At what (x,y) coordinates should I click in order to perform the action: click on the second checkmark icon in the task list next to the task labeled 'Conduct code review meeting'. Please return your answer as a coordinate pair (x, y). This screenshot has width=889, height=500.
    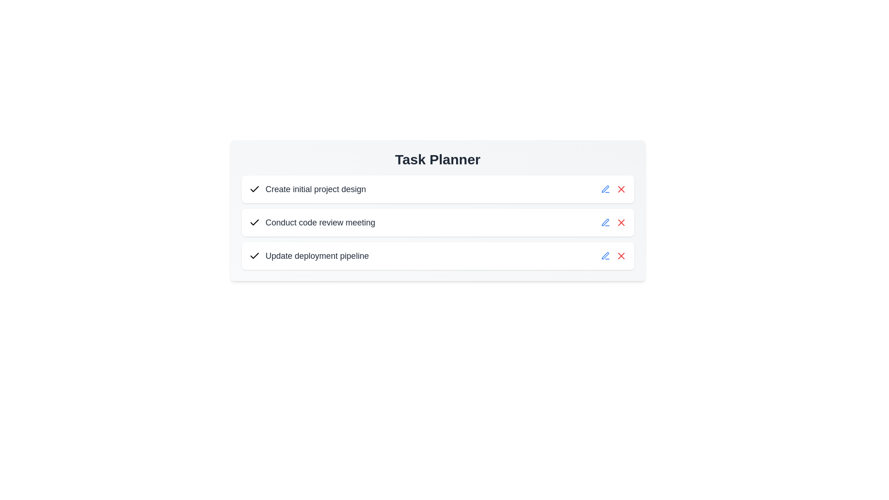
    Looking at the image, I should click on (254, 222).